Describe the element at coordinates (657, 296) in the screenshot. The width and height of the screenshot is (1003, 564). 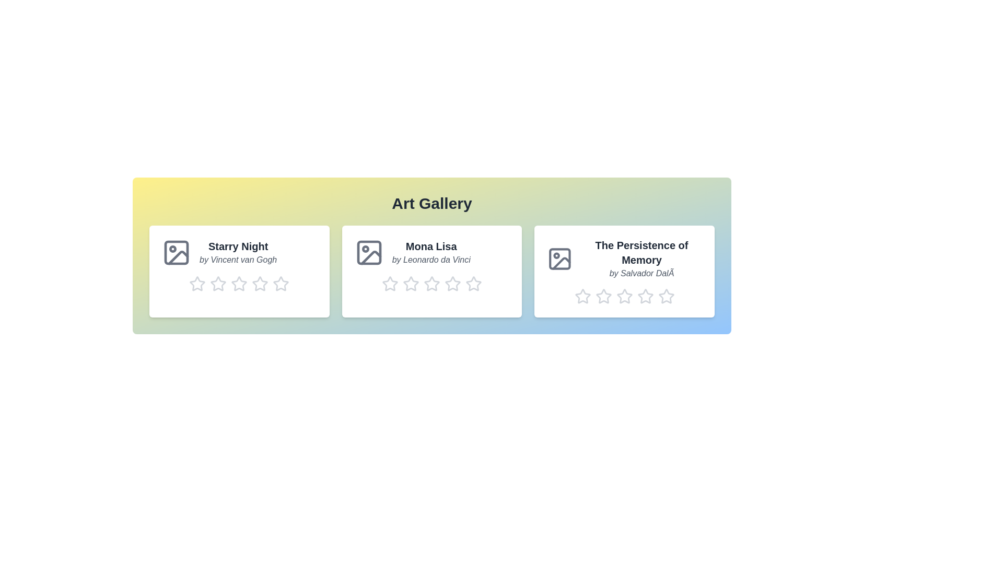
I see `the rating of artwork 3 to 5 stars` at that location.